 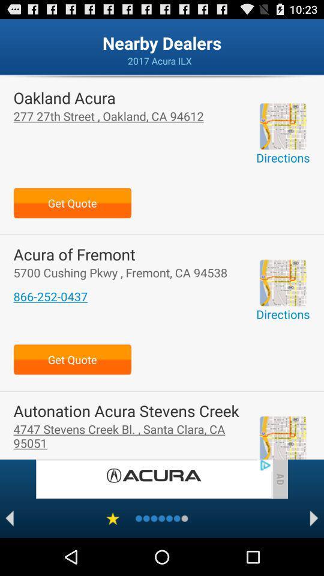 What do you see at coordinates (283, 126) in the screenshot?
I see `location option` at bounding box center [283, 126].